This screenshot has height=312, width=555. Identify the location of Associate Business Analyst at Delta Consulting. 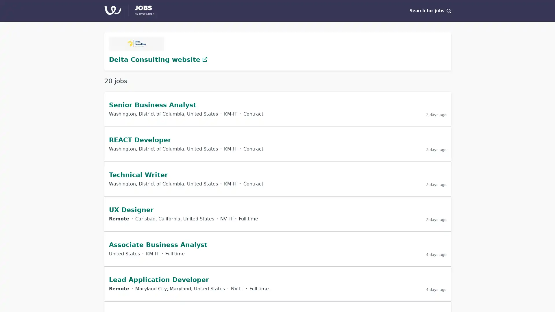
(277, 248).